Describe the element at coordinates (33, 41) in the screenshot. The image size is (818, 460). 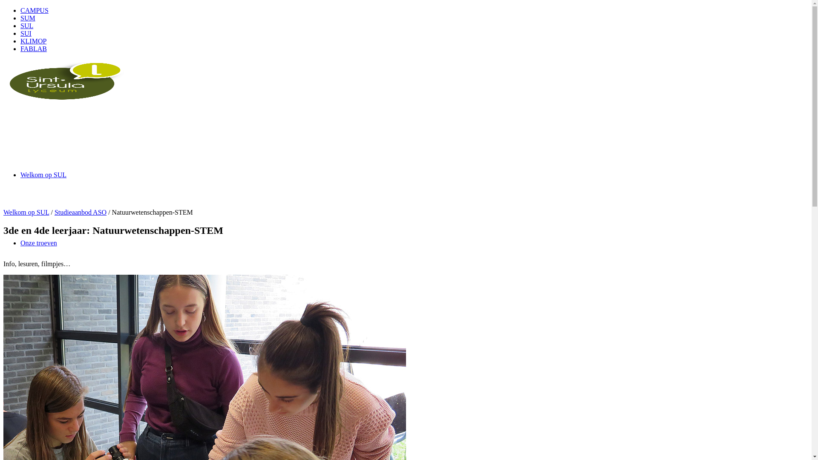
I see `'KLIMOP'` at that location.